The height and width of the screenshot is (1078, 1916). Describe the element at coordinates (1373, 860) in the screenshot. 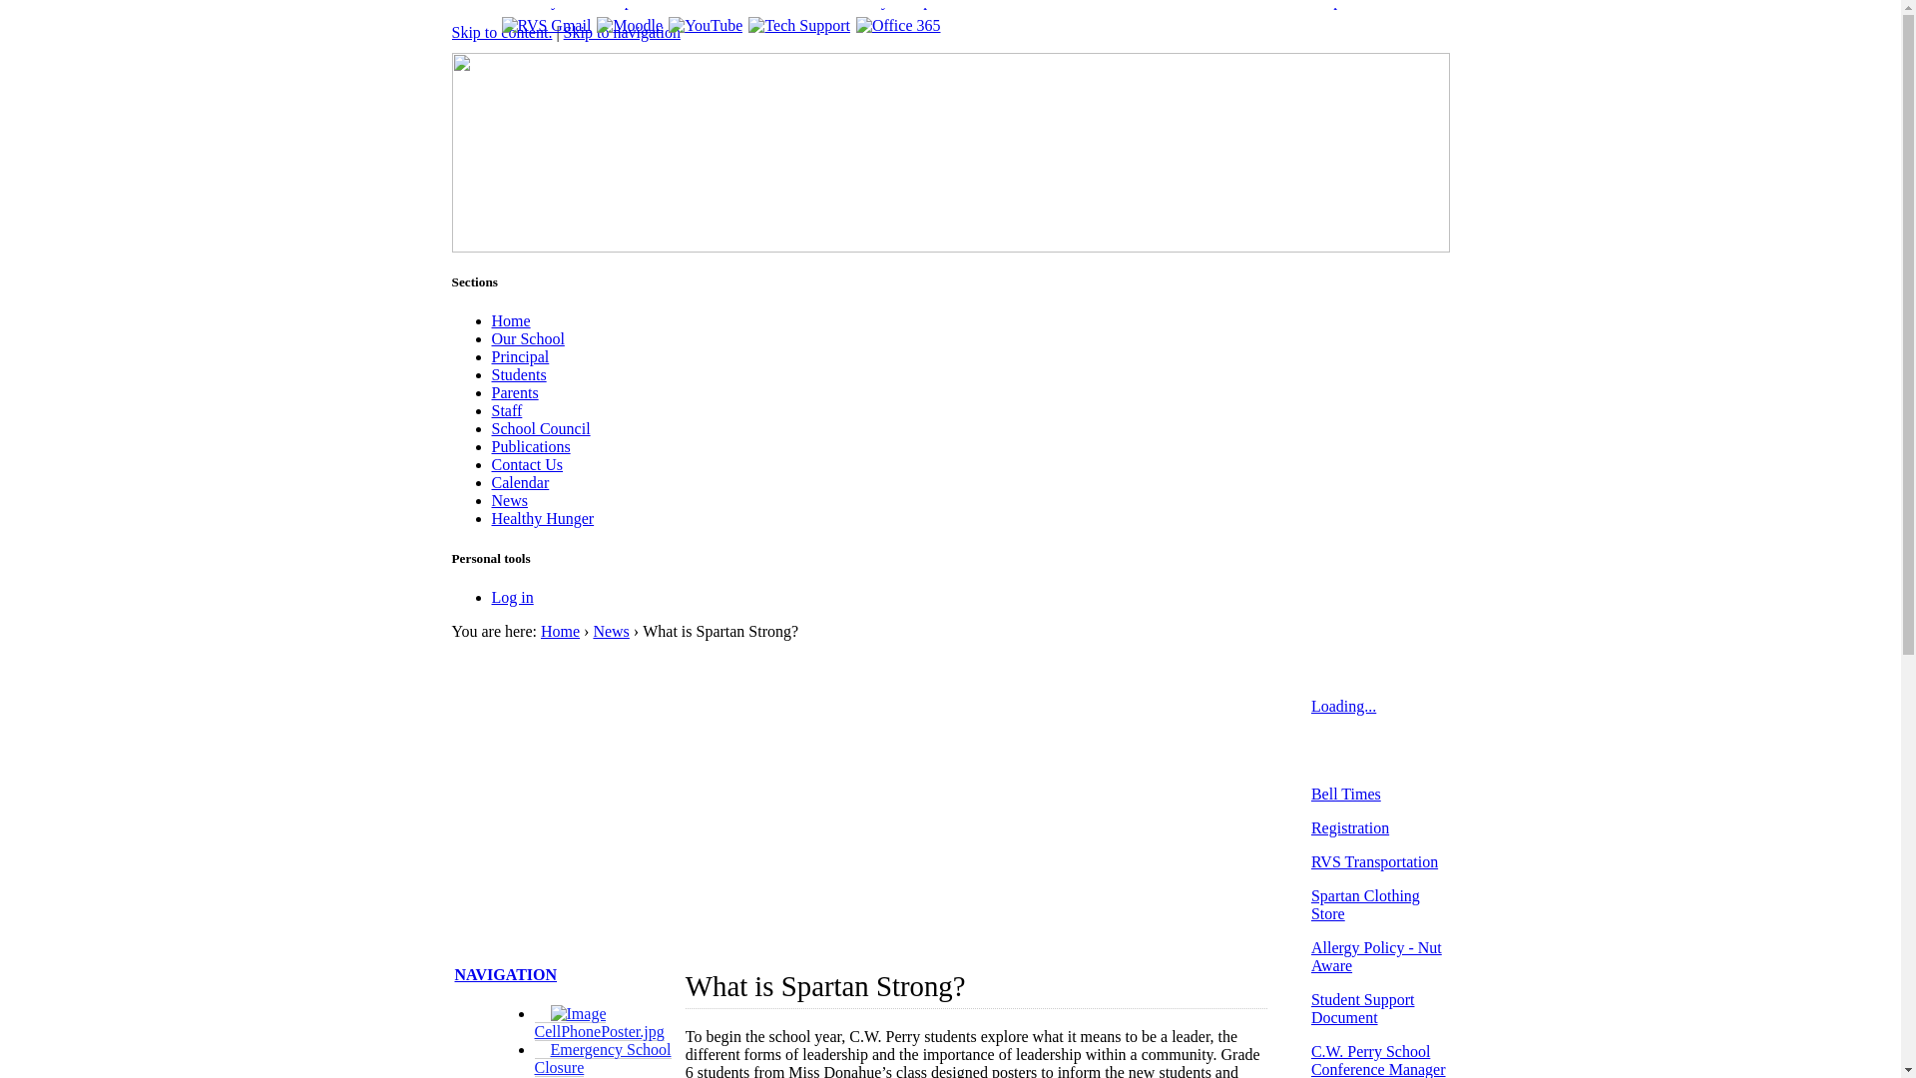

I see `'RVS Transportation'` at that location.